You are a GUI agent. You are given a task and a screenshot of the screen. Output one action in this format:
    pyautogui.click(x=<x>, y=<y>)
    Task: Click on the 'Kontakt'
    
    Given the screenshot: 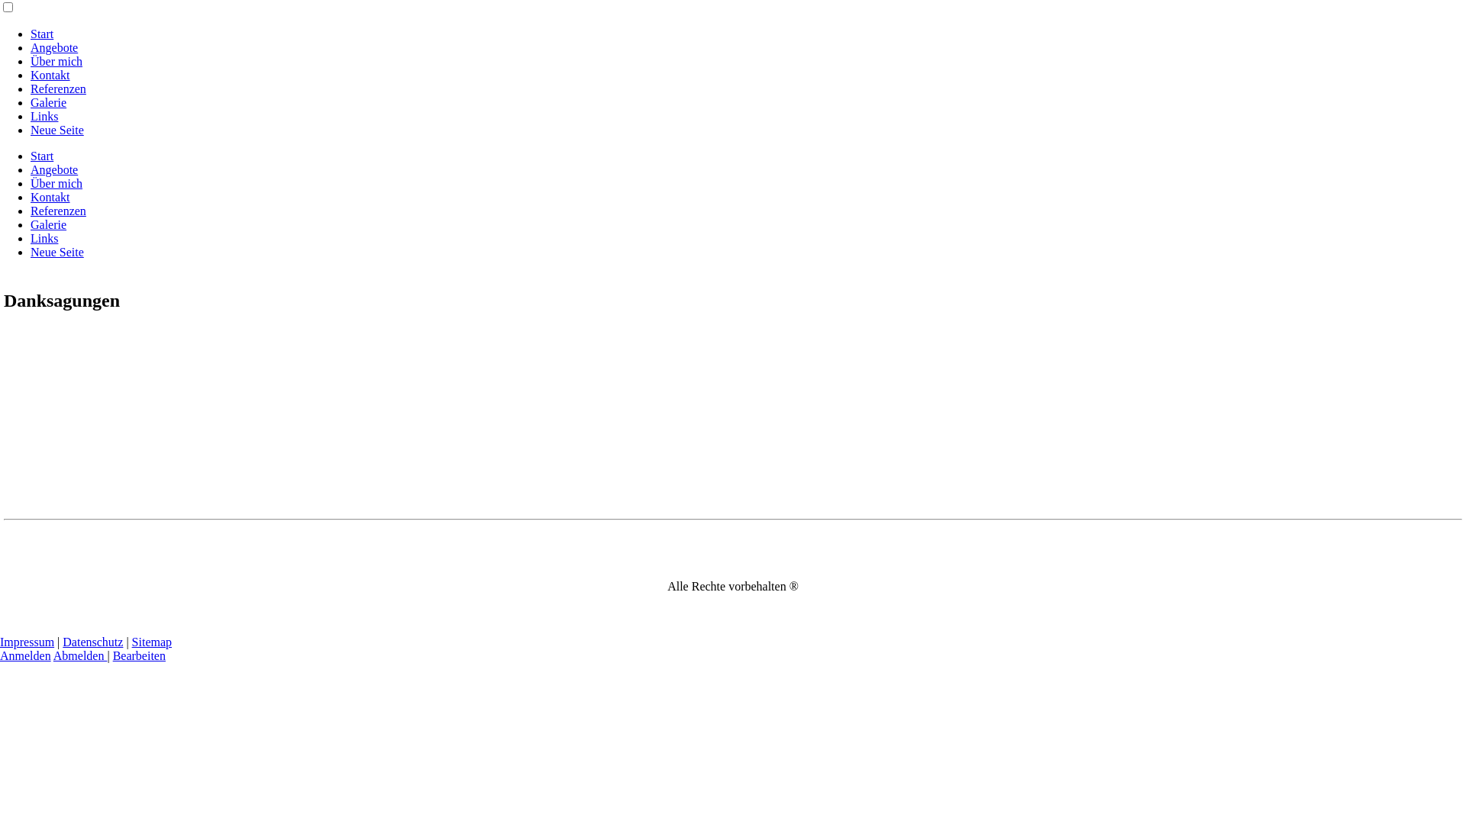 What is the action you would take?
    pyautogui.click(x=50, y=196)
    